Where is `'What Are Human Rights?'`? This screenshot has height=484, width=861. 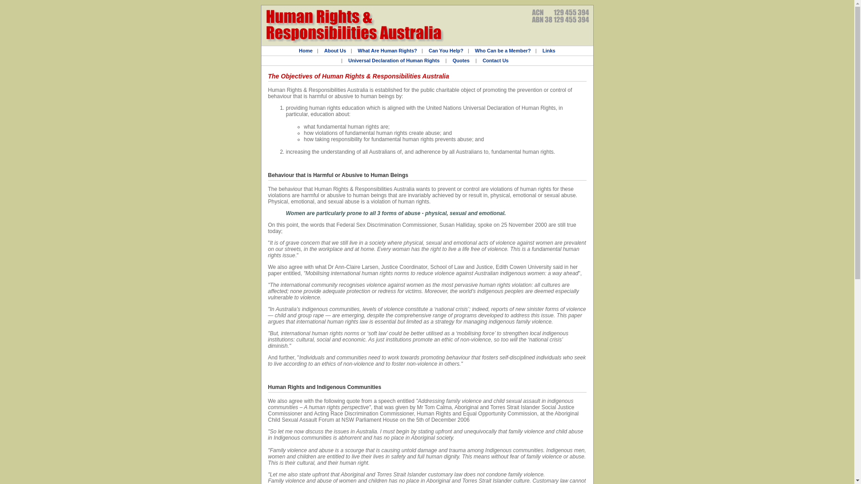 'What Are Human Rights?' is located at coordinates (387, 50).